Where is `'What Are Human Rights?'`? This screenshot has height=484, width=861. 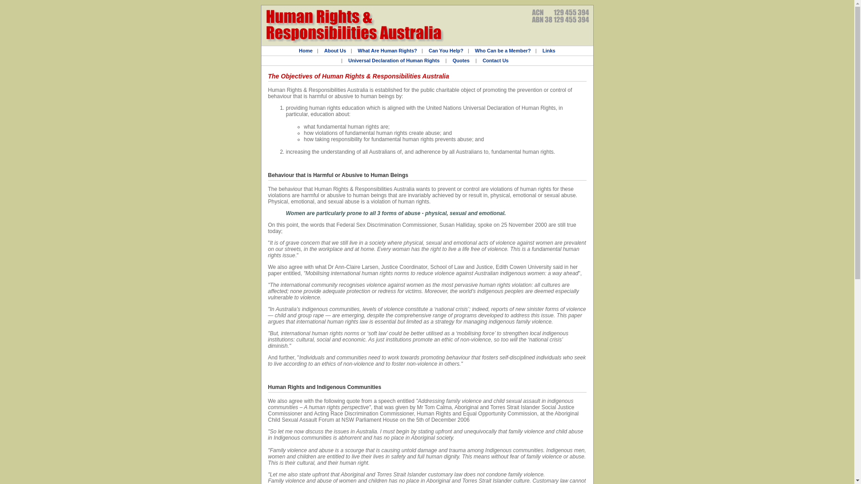 'What Are Human Rights?' is located at coordinates (387, 50).